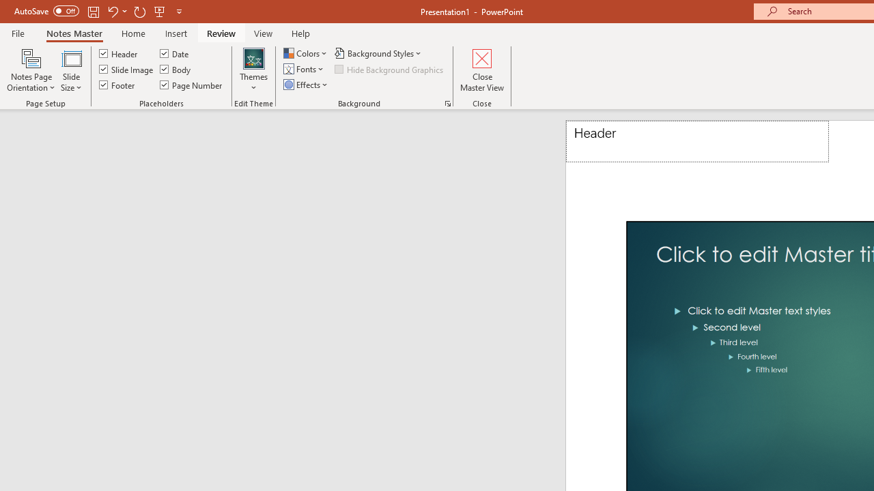 The width and height of the screenshot is (874, 491). Describe the element at coordinates (697, 141) in the screenshot. I see `'Header'` at that location.